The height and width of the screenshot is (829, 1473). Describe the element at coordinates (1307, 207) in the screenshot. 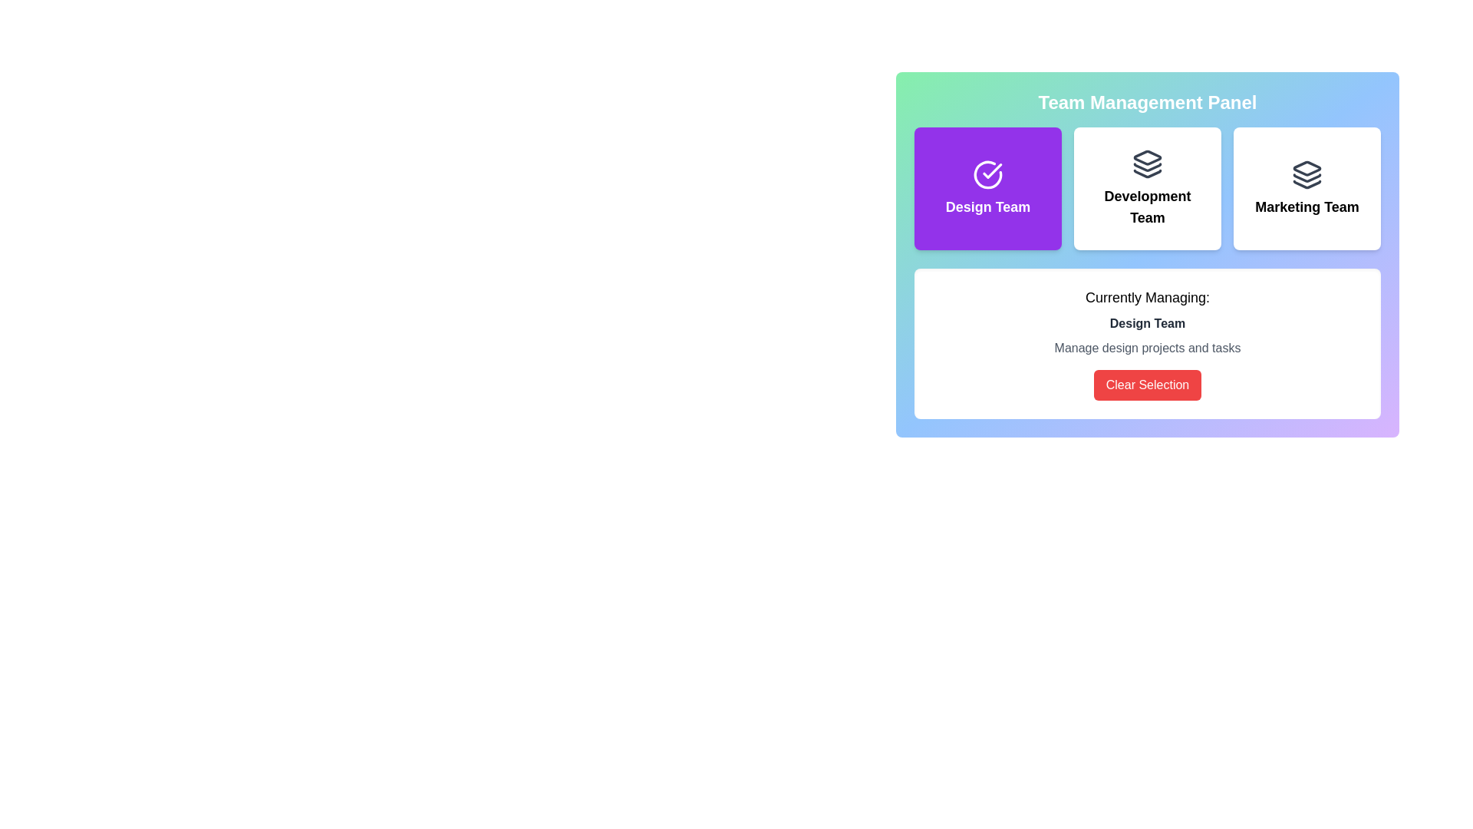

I see `the 'Marketing Team' text label, which is styled in bold and medium-large font and is located below an icon representing stacked layers, aligned centrally within a card-like structure on the right side of the grid layout` at that location.